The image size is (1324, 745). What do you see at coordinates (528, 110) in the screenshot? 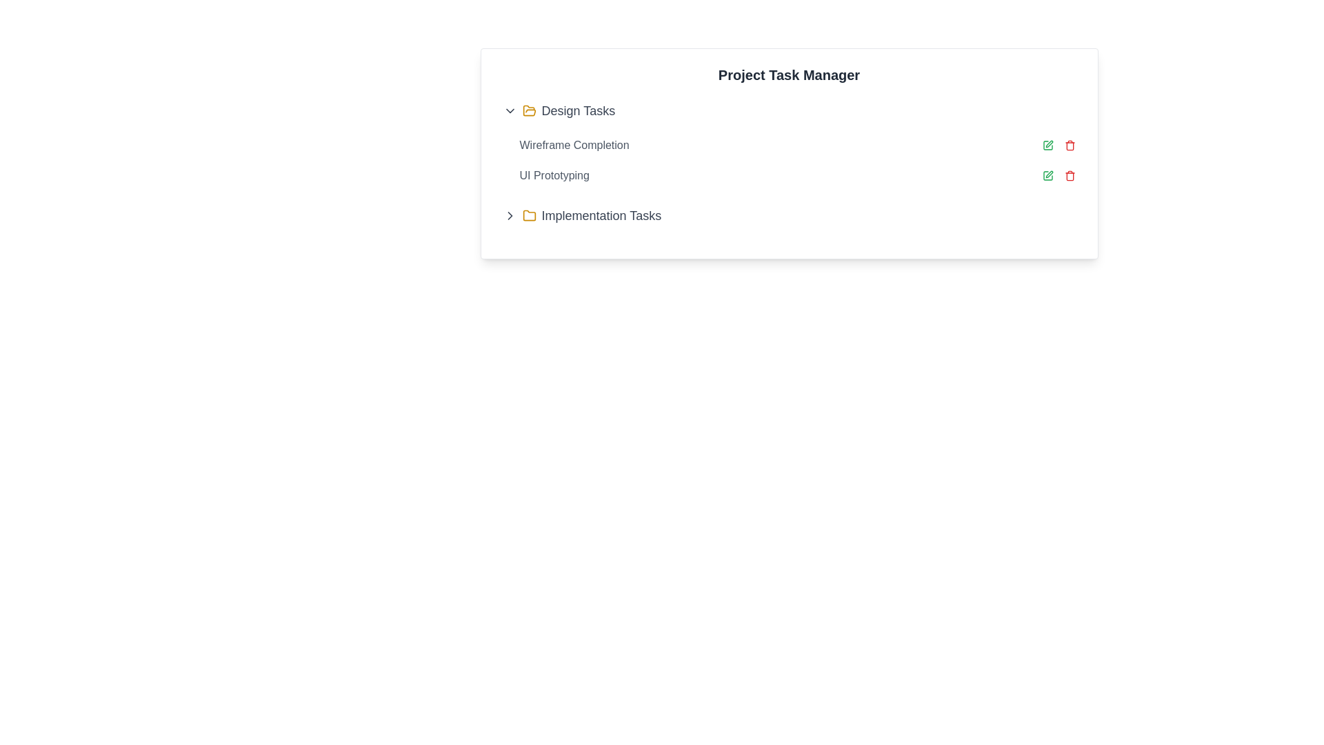
I see `the expanded state of the yellow folder icon representing 'Design Tasks', located between the downward chevron icon and the 'Design Tasks' label in the Project Task Manager section` at bounding box center [528, 110].